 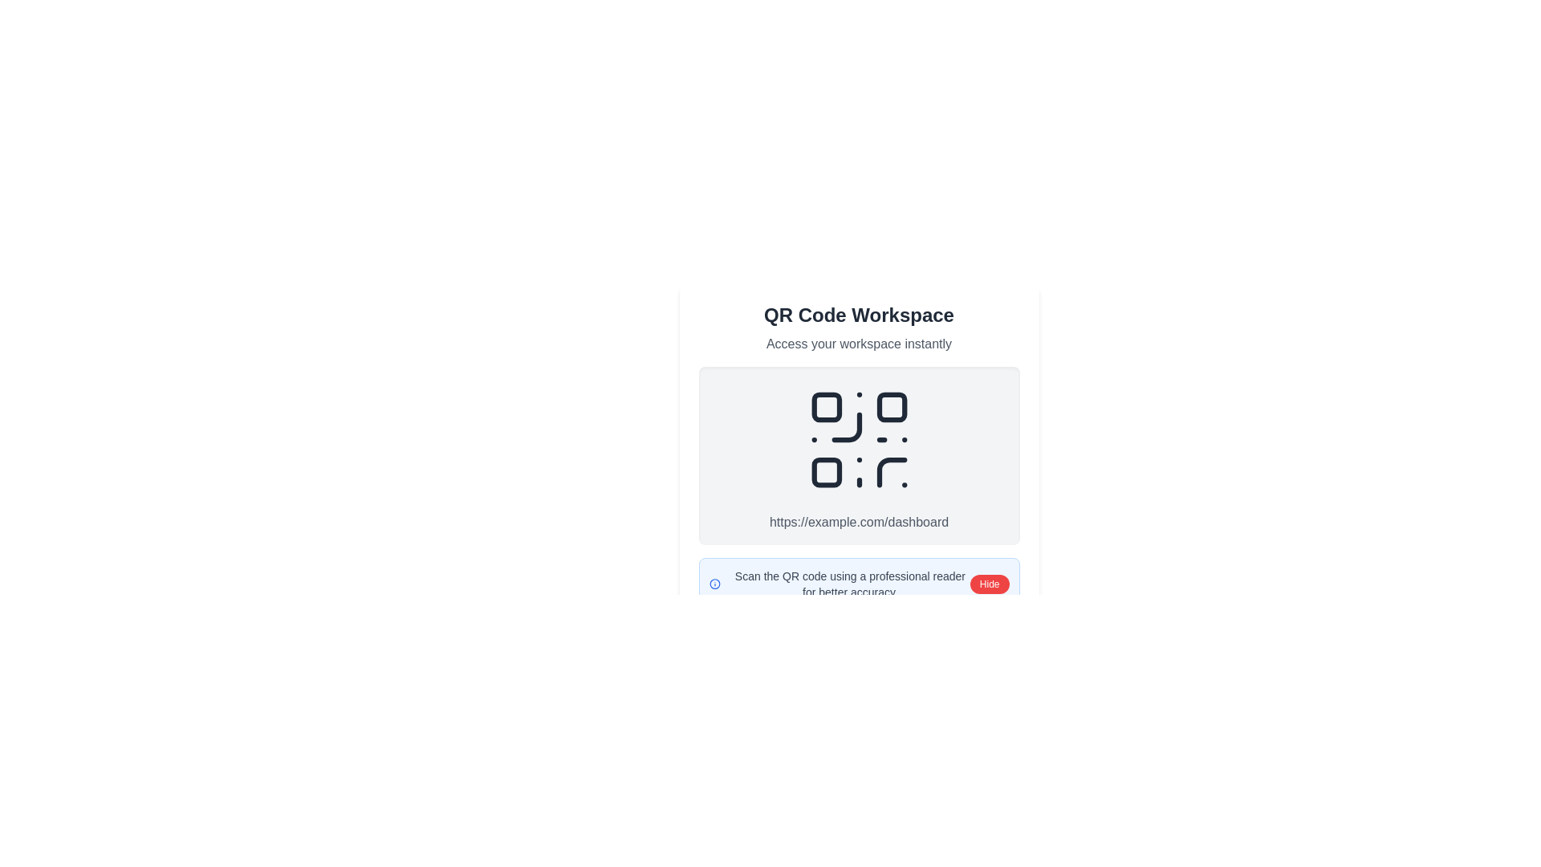 What do you see at coordinates (714, 584) in the screenshot?
I see `the small, circular blue icon with an outlined 'i' in the center, which indicates information and precedes the text 'Scan the QR code using a professional reader for better accuracy.'` at bounding box center [714, 584].